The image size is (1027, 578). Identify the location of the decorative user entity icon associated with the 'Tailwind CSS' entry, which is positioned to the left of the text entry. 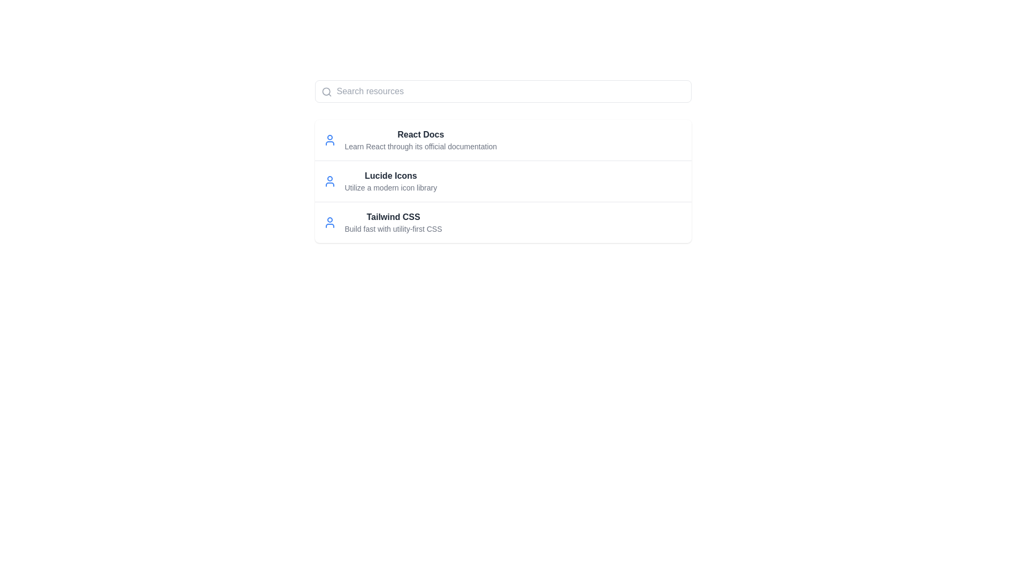
(329, 222).